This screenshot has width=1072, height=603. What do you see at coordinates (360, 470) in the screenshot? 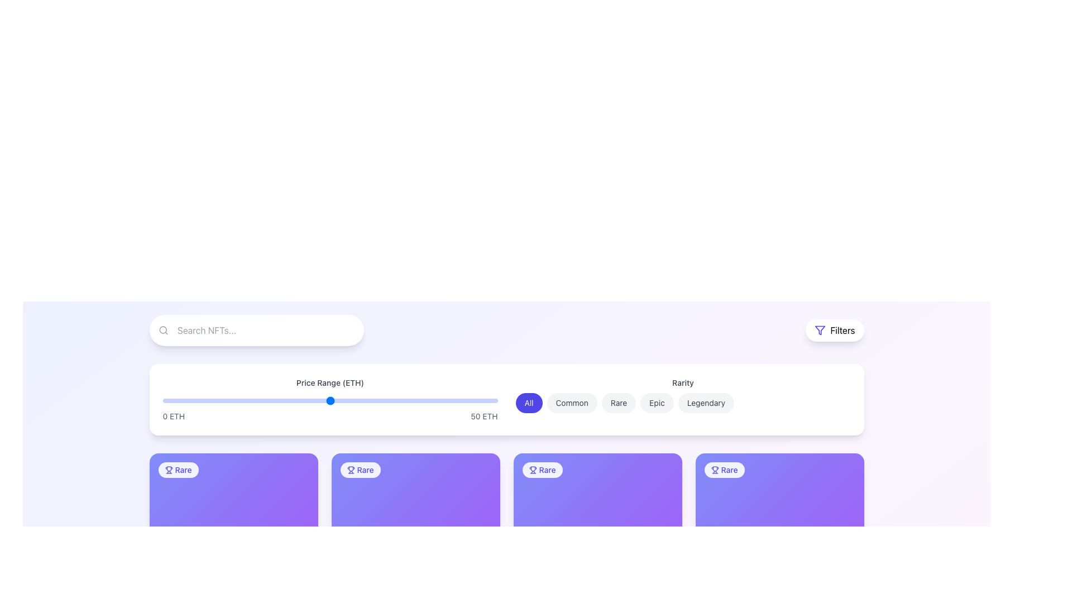
I see `rarity classification by clicking on the 'Rare' badge, which has a trophy icon on its left and is styled with indigo colors on a white background with an indigo border` at bounding box center [360, 470].